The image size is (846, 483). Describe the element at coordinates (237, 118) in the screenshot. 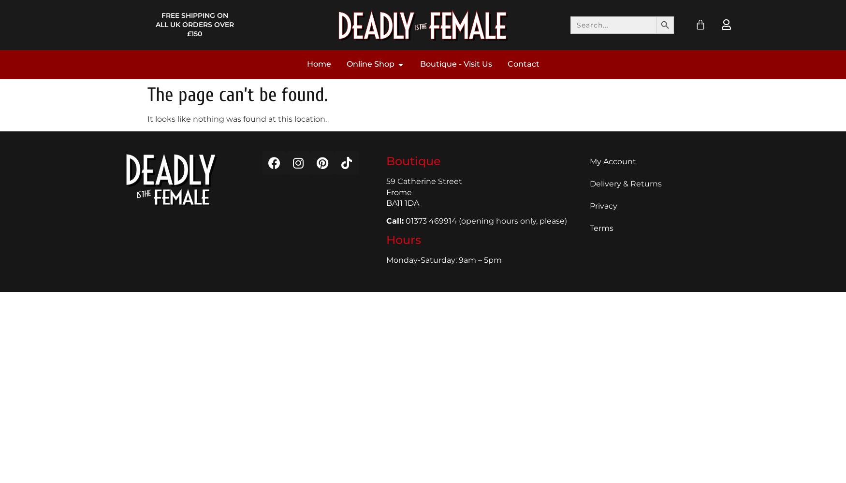

I see `'It looks like nothing was found at this location.'` at that location.